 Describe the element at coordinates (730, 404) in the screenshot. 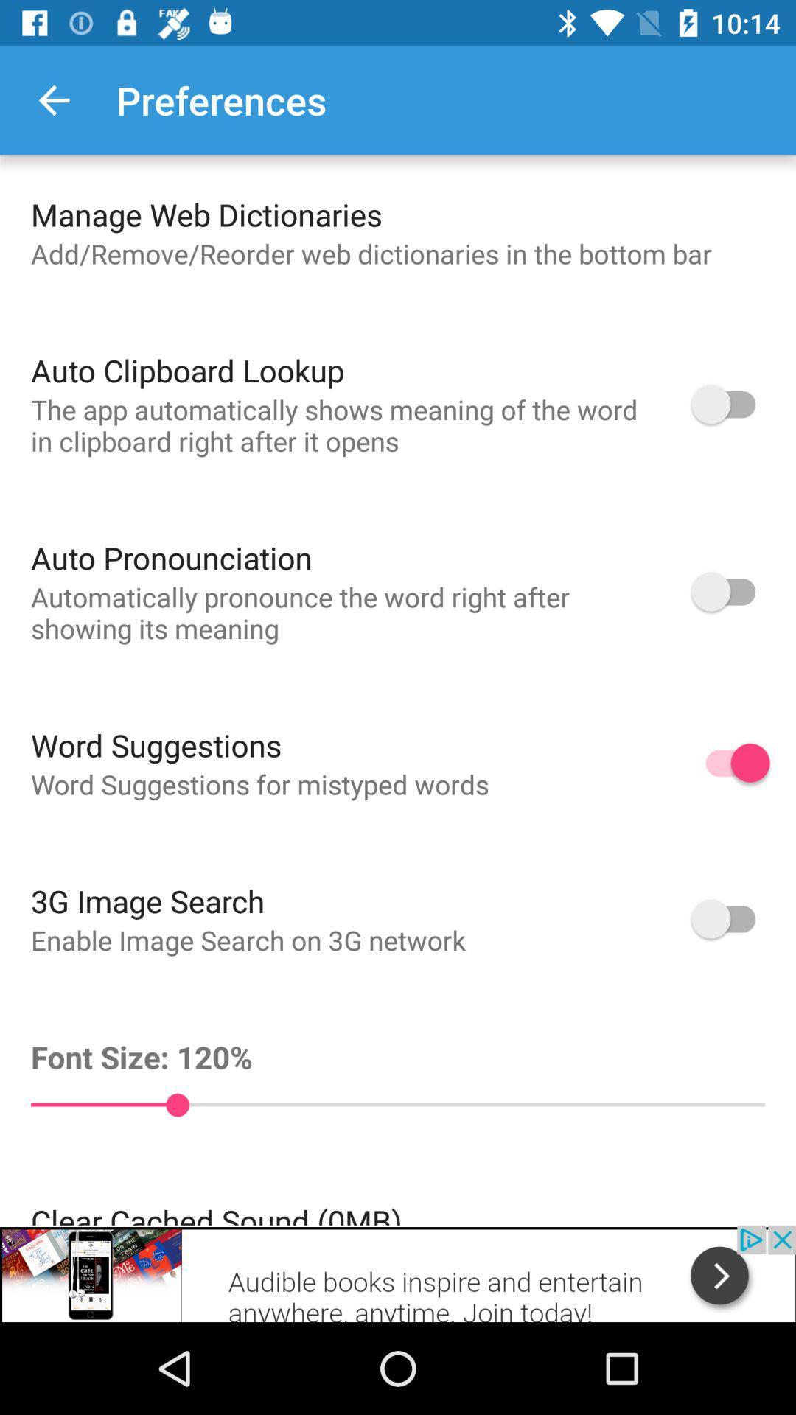

I see `auto clipboard lookup on or off option` at that location.